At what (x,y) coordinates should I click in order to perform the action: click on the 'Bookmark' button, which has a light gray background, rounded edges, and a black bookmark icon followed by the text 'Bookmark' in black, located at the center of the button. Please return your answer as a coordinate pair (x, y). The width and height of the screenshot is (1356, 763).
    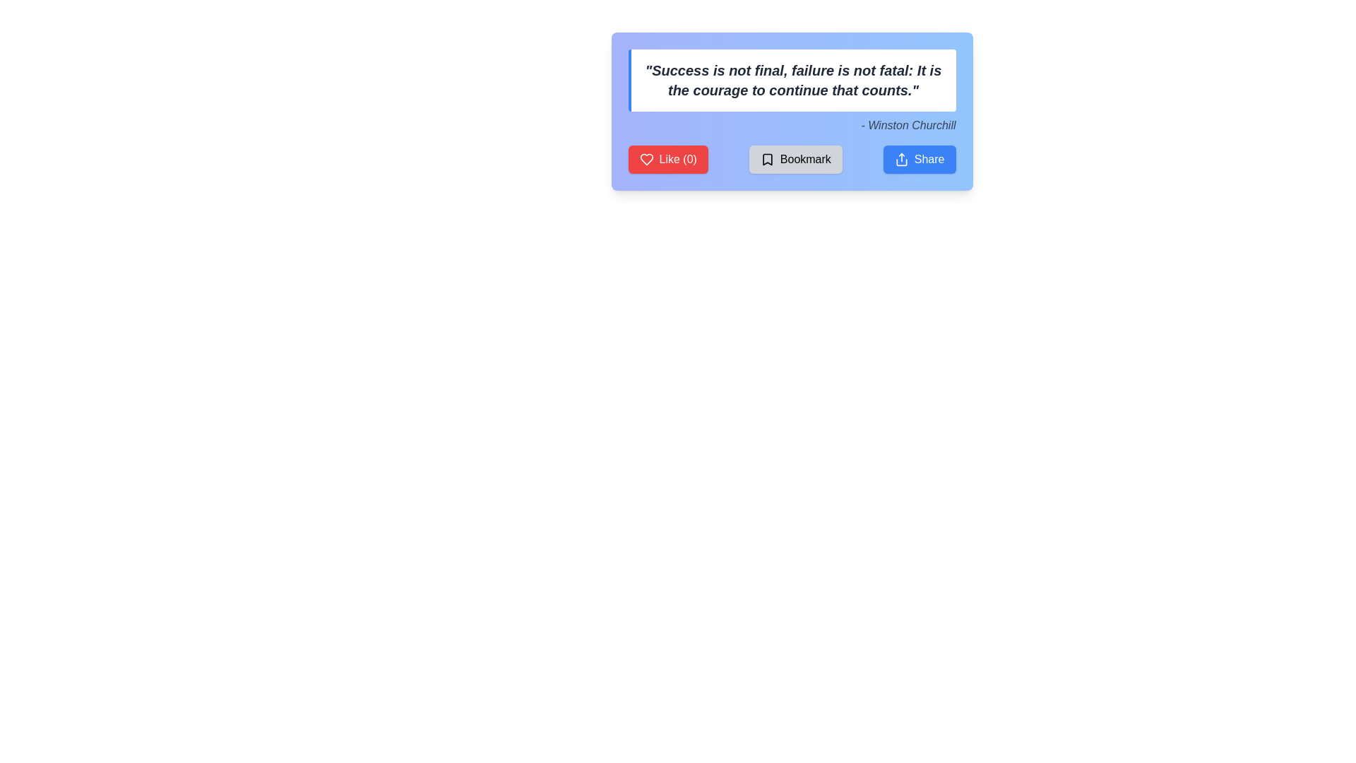
    Looking at the image, I should click on (792, 159).